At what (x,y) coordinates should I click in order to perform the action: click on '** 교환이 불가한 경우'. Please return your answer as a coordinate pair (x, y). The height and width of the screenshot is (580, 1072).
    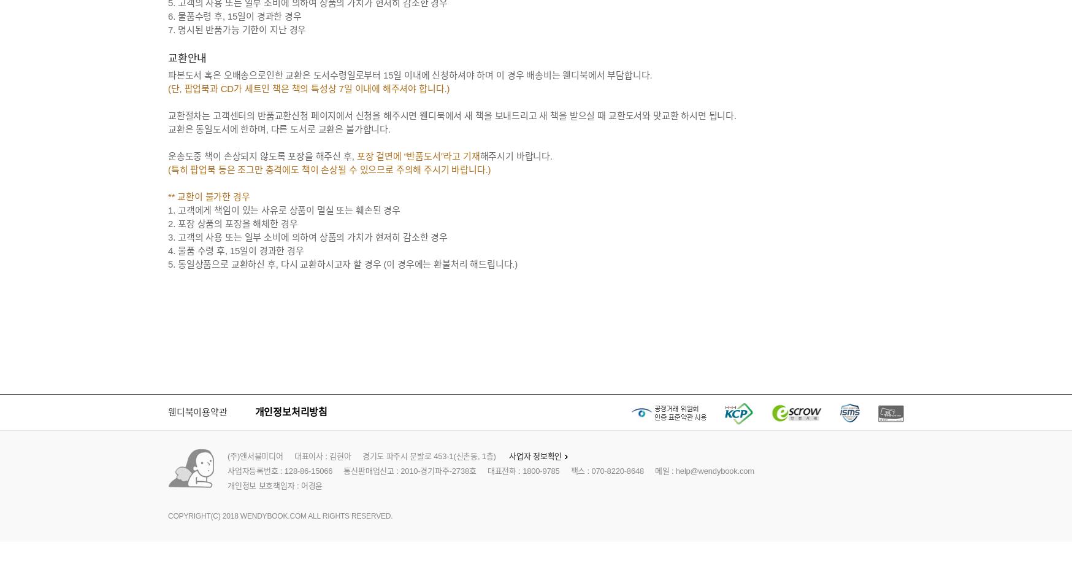
    Looking at the image, I should click on (208, 196).